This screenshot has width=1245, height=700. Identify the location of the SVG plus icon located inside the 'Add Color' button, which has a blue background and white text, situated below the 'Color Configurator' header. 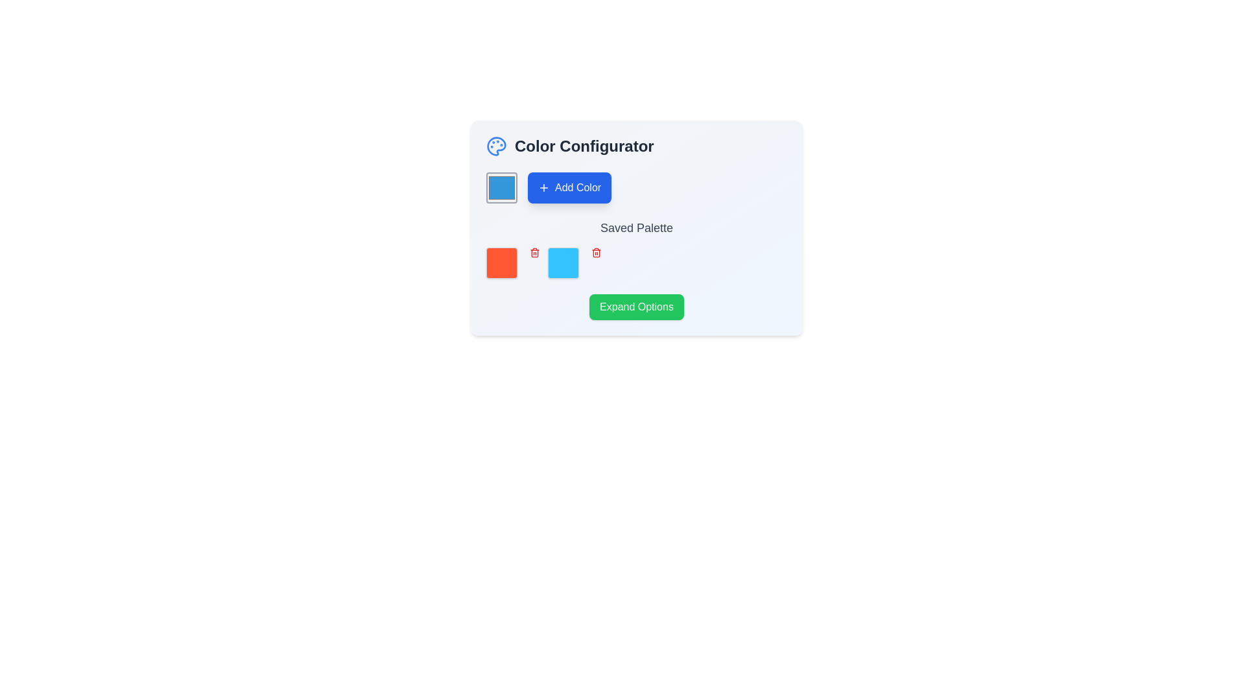
(544, 187).